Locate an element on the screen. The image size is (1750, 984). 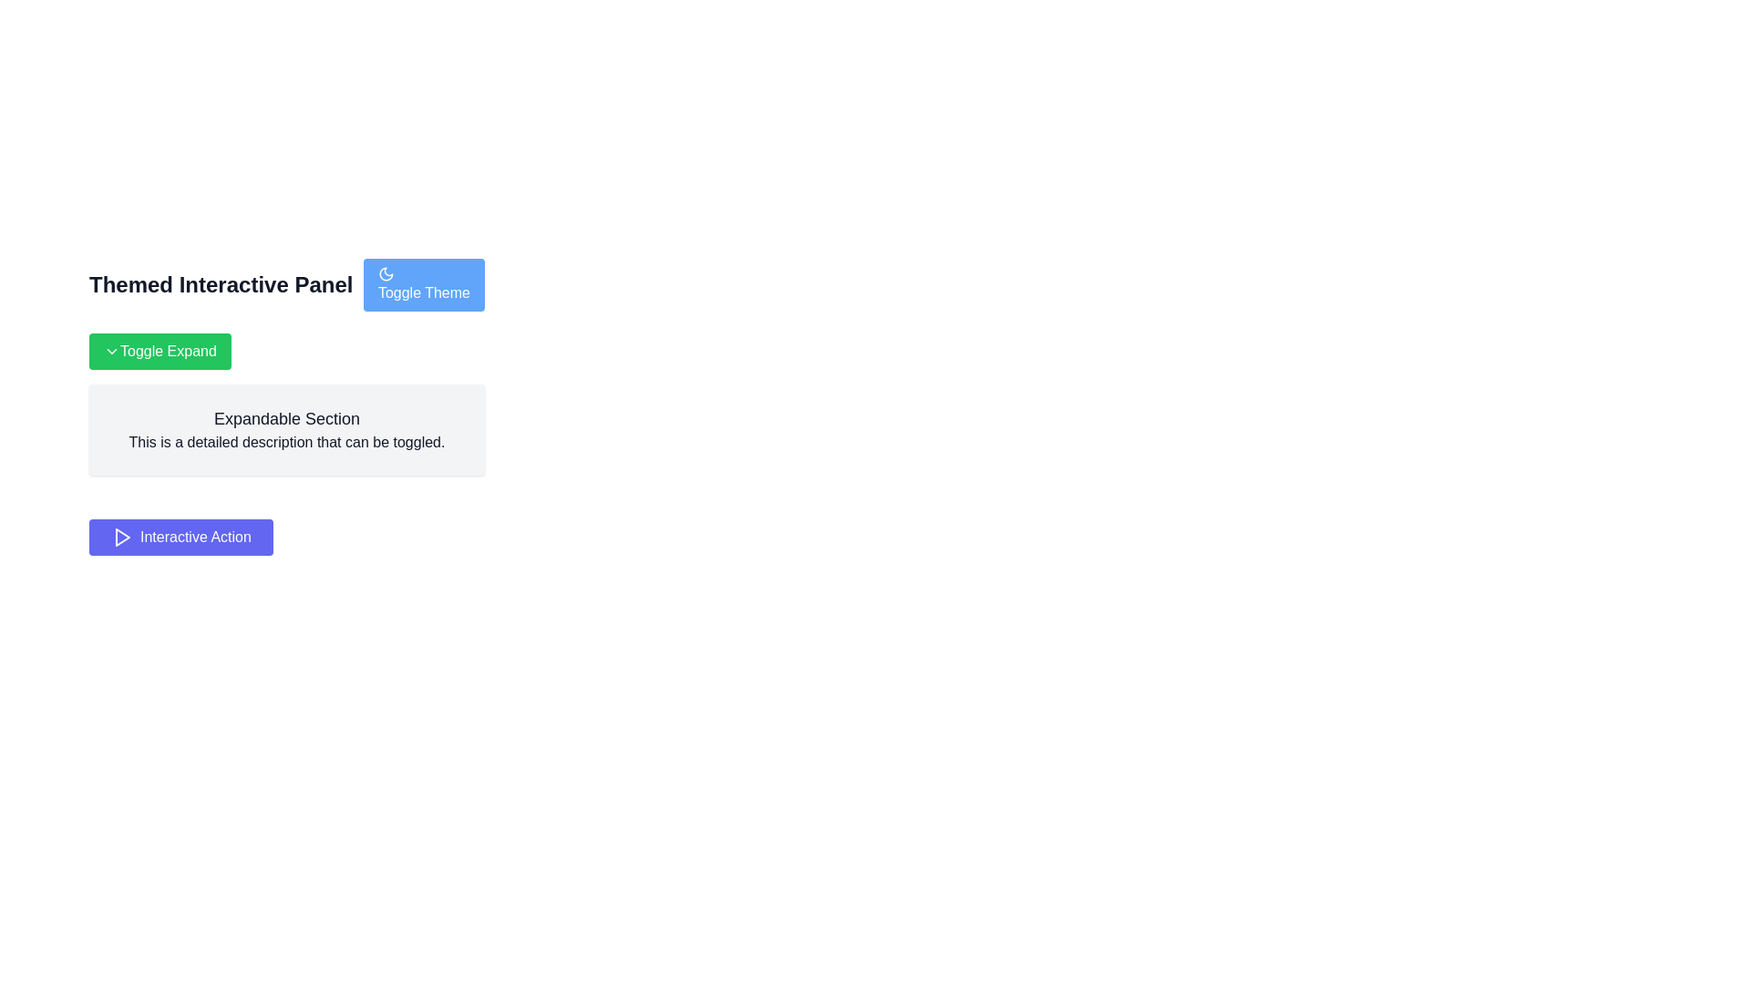
the interactive action button located below the 'Expandable Section' description panel to initiate an action is located at coordinates (286, 527).